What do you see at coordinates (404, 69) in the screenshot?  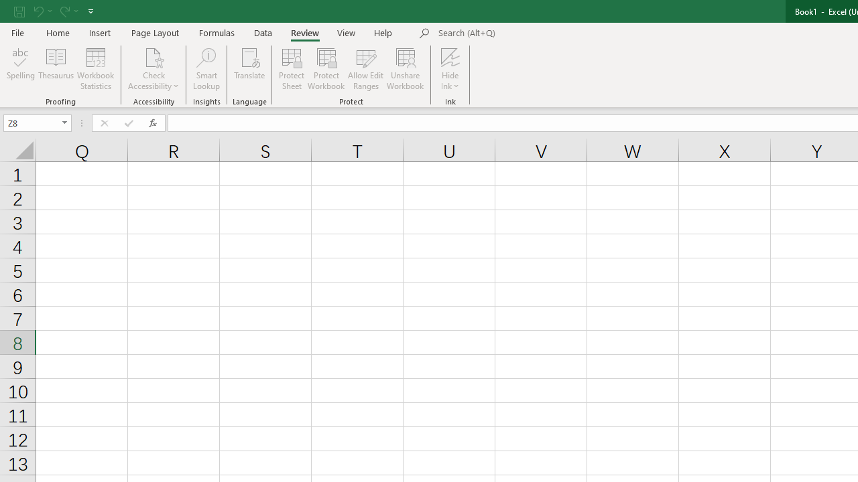 I see `'Unshare Workbook'` at bounding box center [404, 69].